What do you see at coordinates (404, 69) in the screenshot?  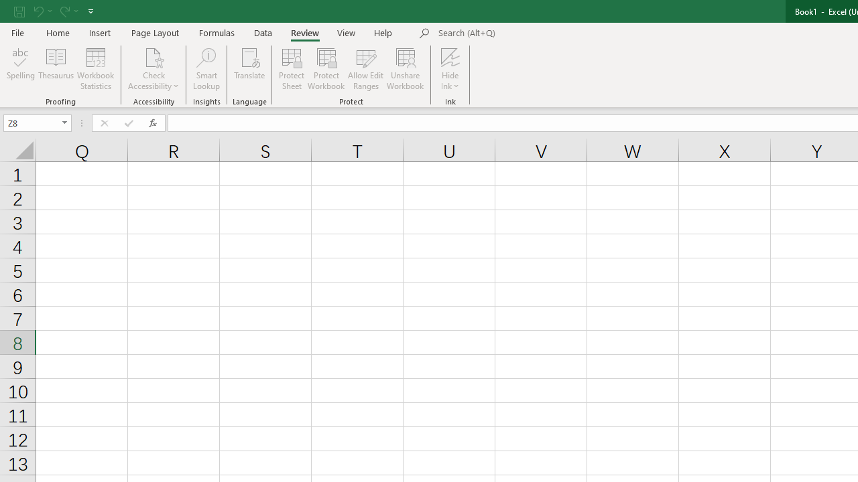 I see `'Unshare Workbook'` at bounding box center [404, 69].